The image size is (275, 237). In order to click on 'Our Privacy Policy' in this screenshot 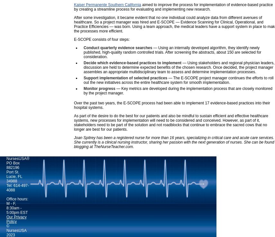, I will do `click(16, 219)`.